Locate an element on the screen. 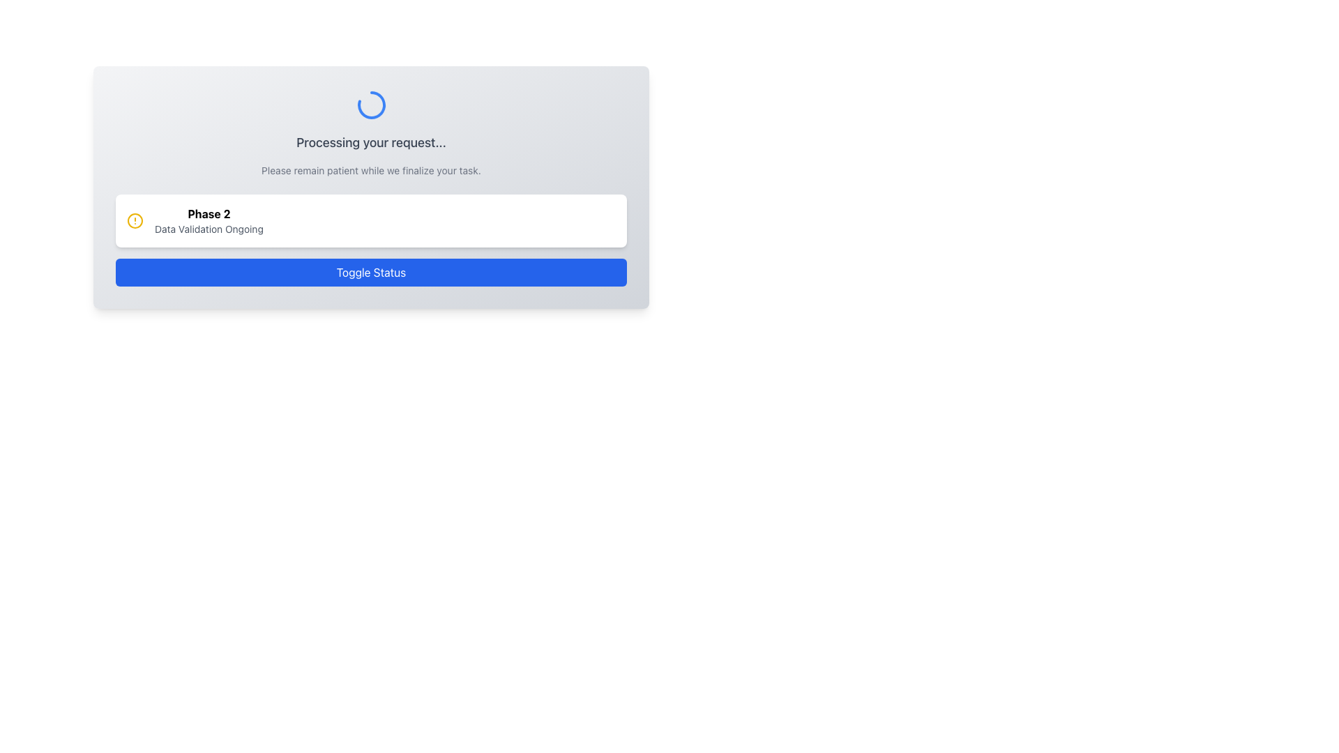 The height and width of the screenshot is (753, 1339). the status indicator text label that displays information about an ongoing process, located below the 'Phase 2' text in a centered panel is located at coordinates (208, 228).